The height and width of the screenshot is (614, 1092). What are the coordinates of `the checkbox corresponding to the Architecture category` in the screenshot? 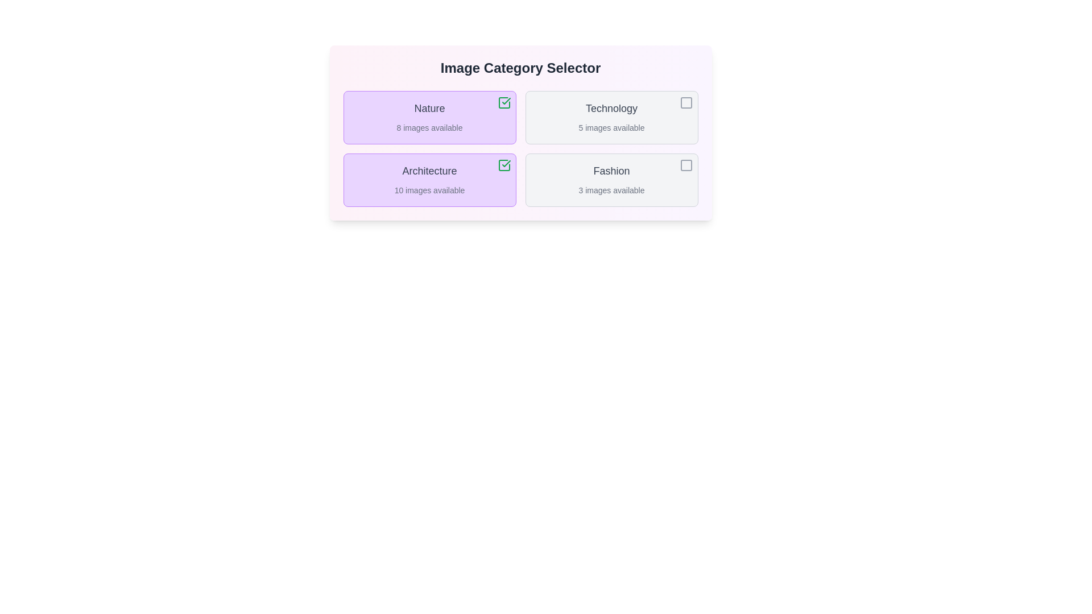 It's located at (503, 165).